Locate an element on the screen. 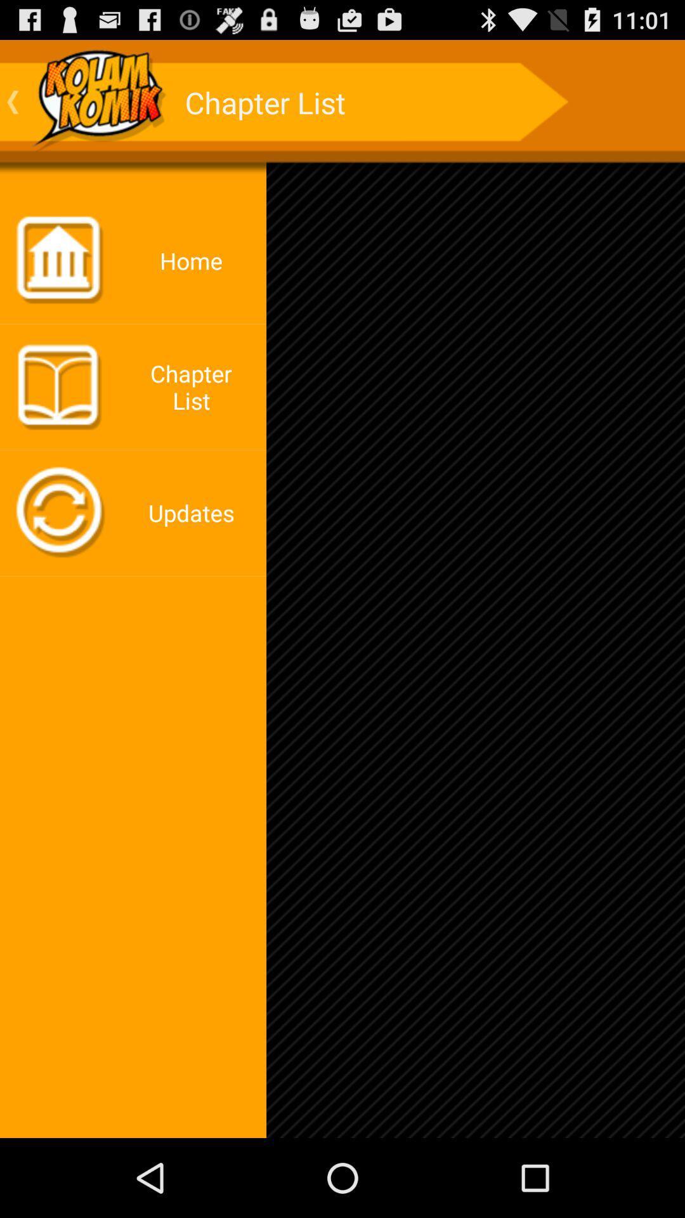 The image size is (685, 1218). updates is located at coordinates (195, 513).